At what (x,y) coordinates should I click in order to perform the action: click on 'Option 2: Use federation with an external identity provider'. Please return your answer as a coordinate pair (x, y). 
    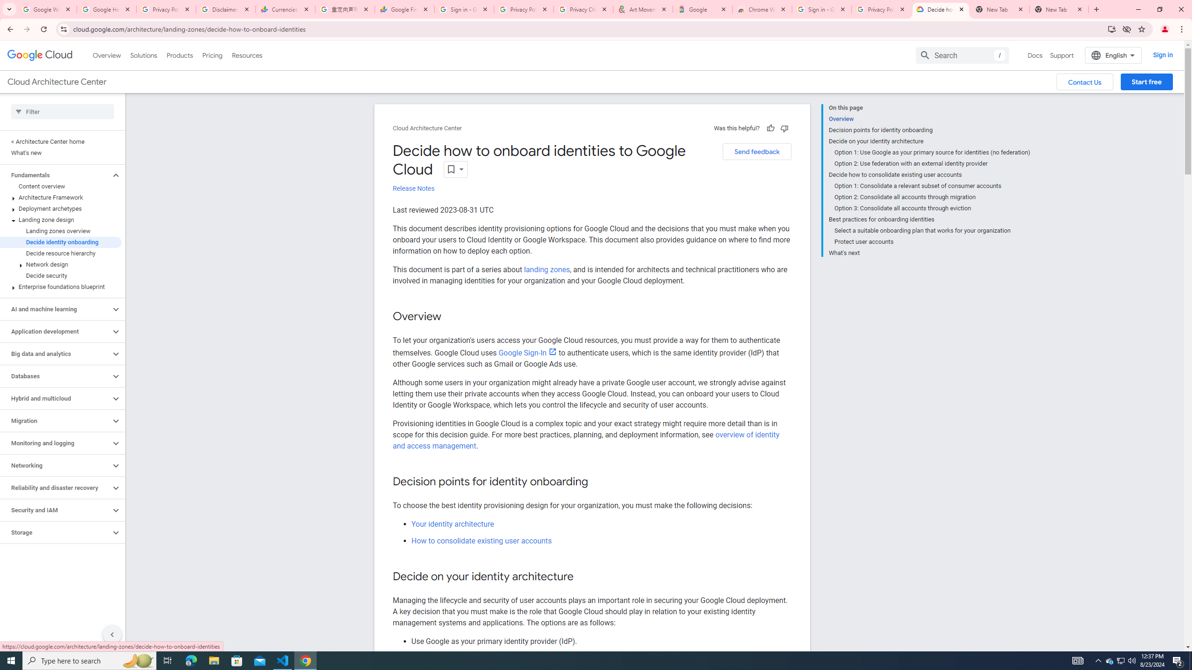
    Looking at the image, I should click on (932, 164).